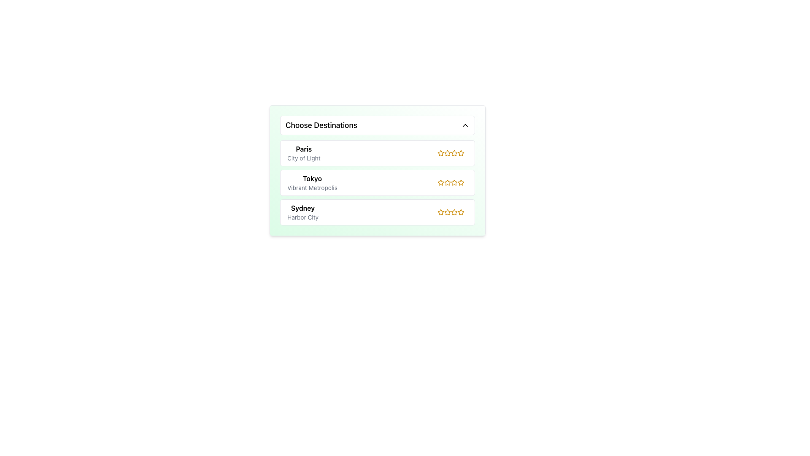 This screenshot has width=810, height=456. I want to click on the List Item representing 'Tokyo' with the tagline 'Vibrant Metropolis', so click(377, 182).